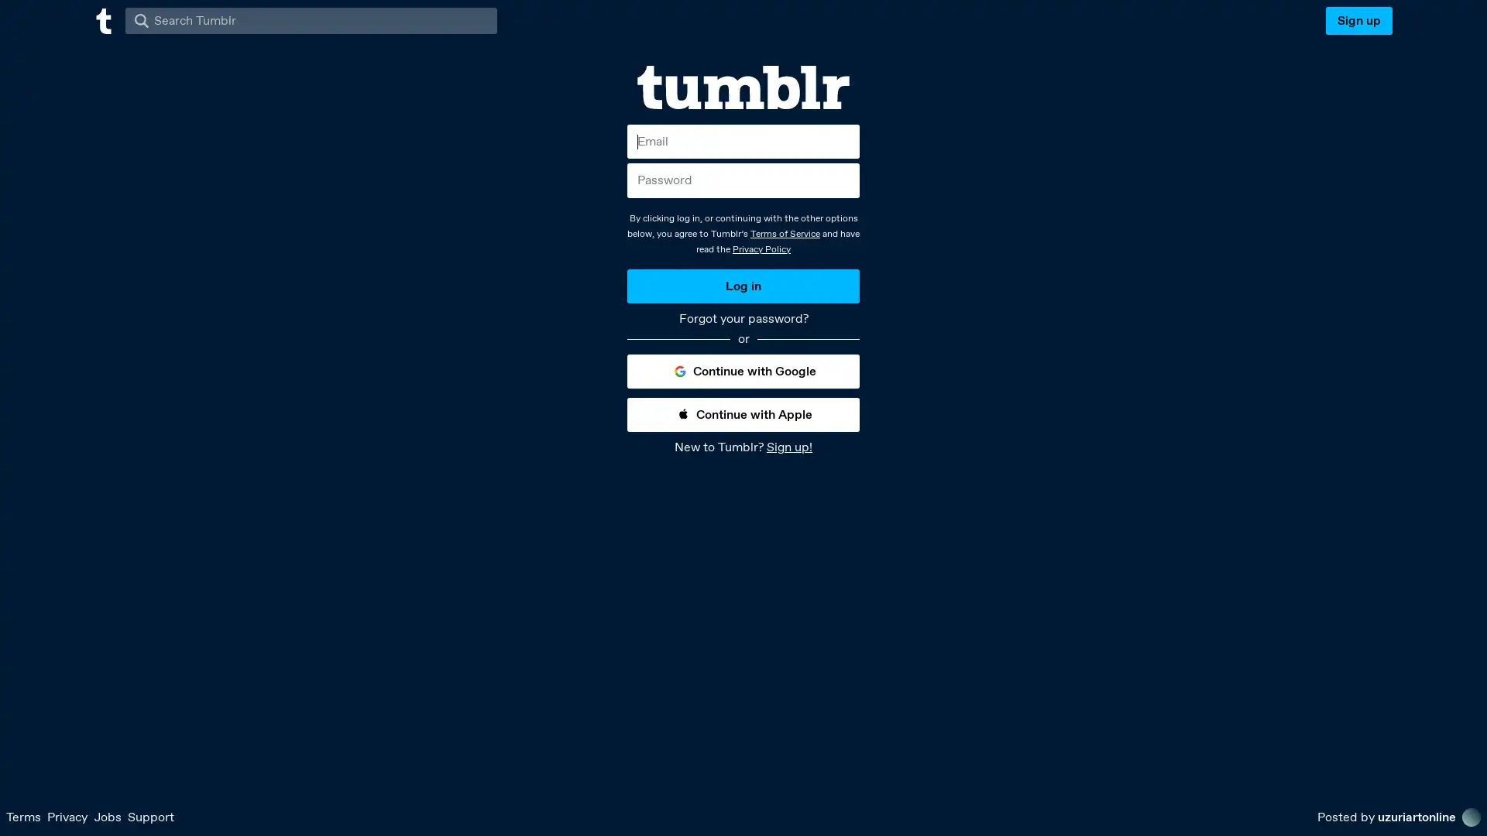 The width and height of the screenshot is (1487, 836). Describe the element at coordinates (743, 286) in the screenshot. I see `Log in` at that location.